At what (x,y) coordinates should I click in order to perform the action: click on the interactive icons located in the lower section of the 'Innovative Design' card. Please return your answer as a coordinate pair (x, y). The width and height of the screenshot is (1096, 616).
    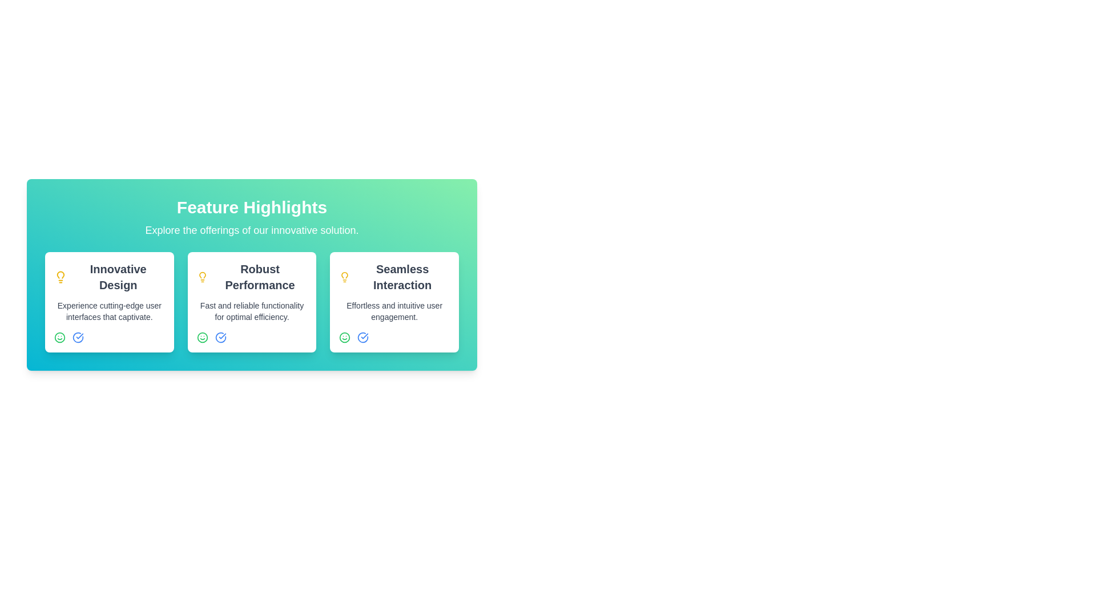
    Looking at the image, I should click on (109, 337).